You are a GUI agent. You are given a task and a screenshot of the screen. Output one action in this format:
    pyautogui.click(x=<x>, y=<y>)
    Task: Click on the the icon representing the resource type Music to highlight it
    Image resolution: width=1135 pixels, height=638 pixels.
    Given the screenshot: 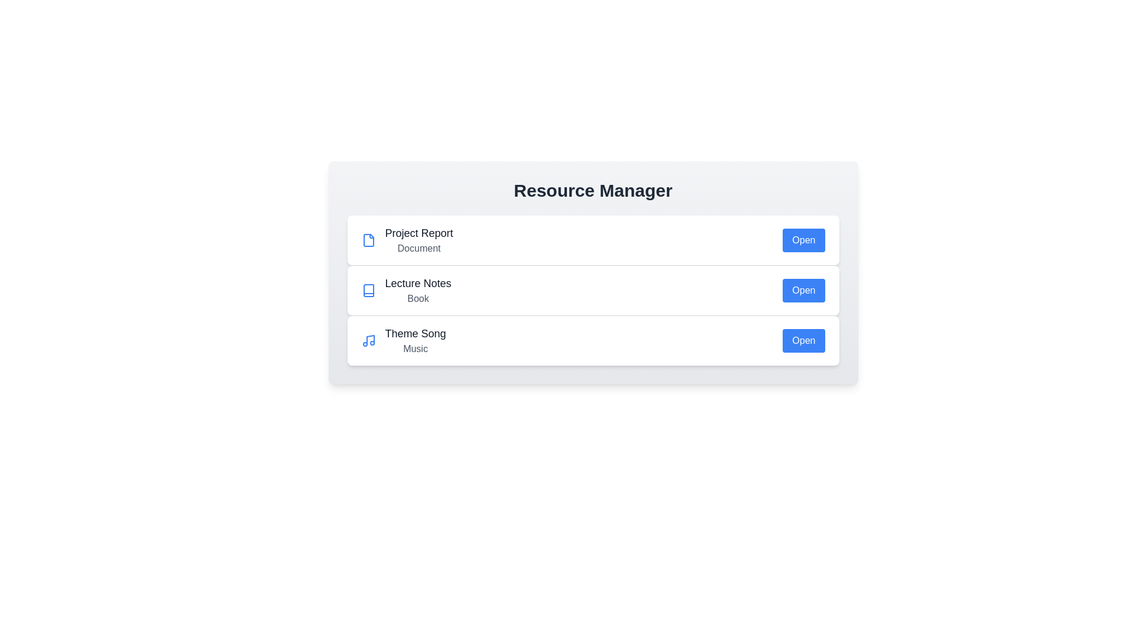 What is the action you would take?
    pyautogui.click(x=368, y=341)
    